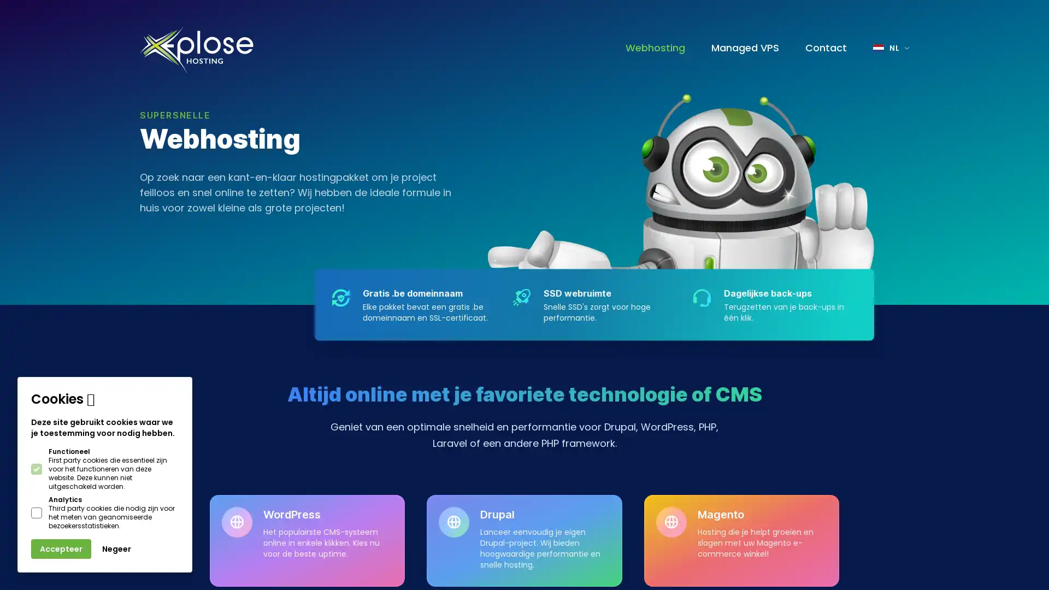 This screenshot has height=590, width=1049. What do you see at coordinates (116, 549) in the screenshot?
I see `Negeer` at bounding box center [116, 549].